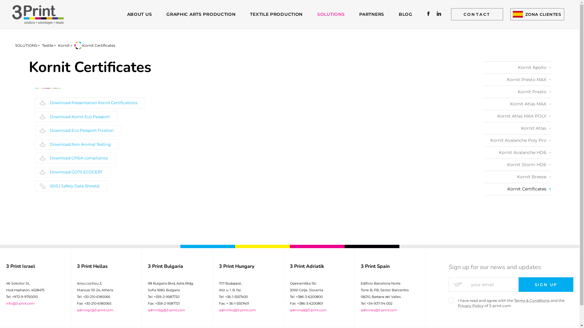 The height and width of the screenshot is (328, 584). Describe the element at coordinates (6, 303) in the screenshot. I see `'info@3-print.com'` at that location.